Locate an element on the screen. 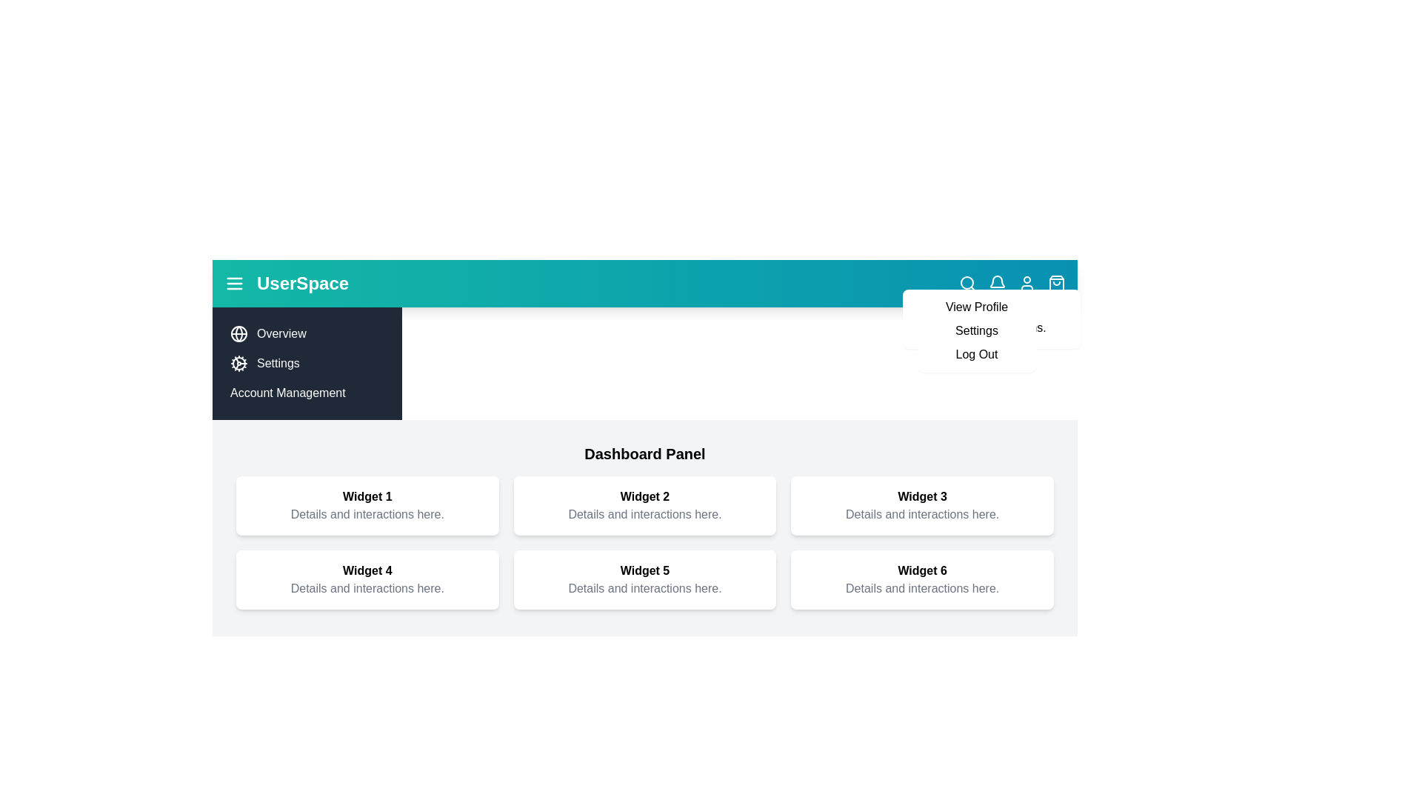  descriptive text 'Details and interactions here.' located in the fourth widget under the title 'Widget 4' on the dashboard is located at coordinates (367, 587).